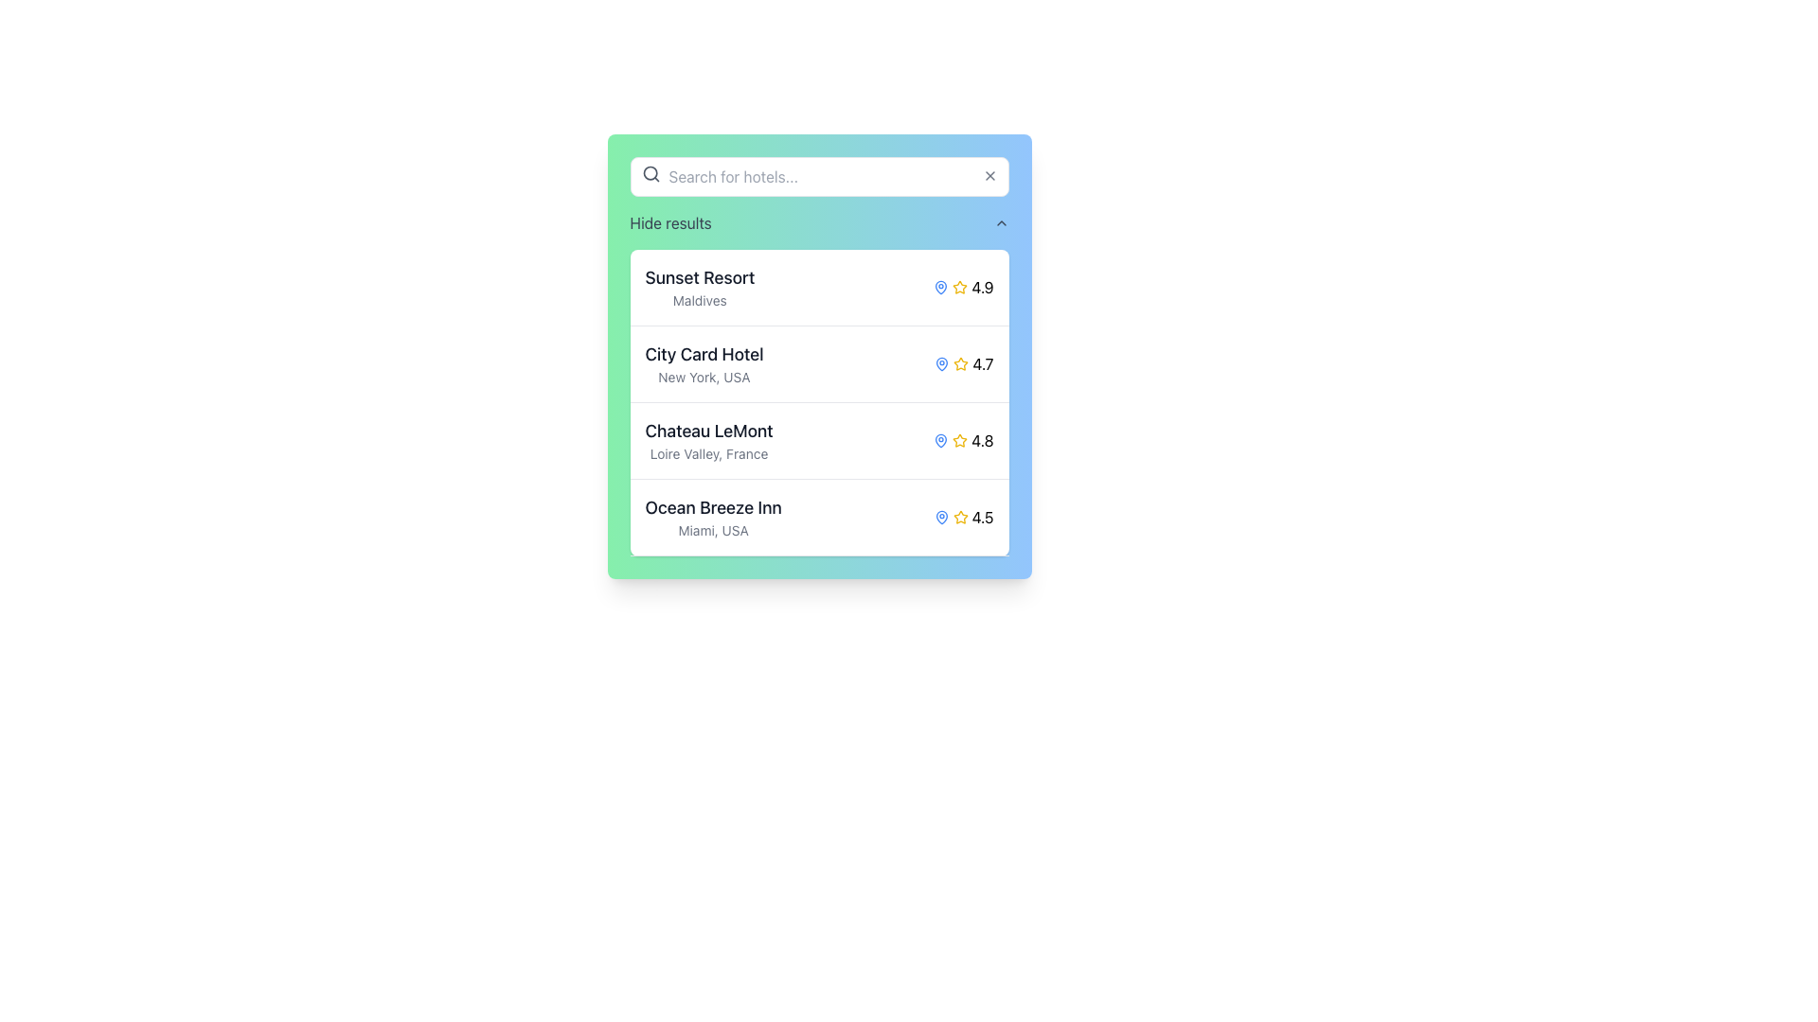 The width and height of the screenshot is (1818, 1022). I want to click on details of the list item representing 'Ocean Breeze Inn', which includes its name, location, and rating, so click(819, 518).